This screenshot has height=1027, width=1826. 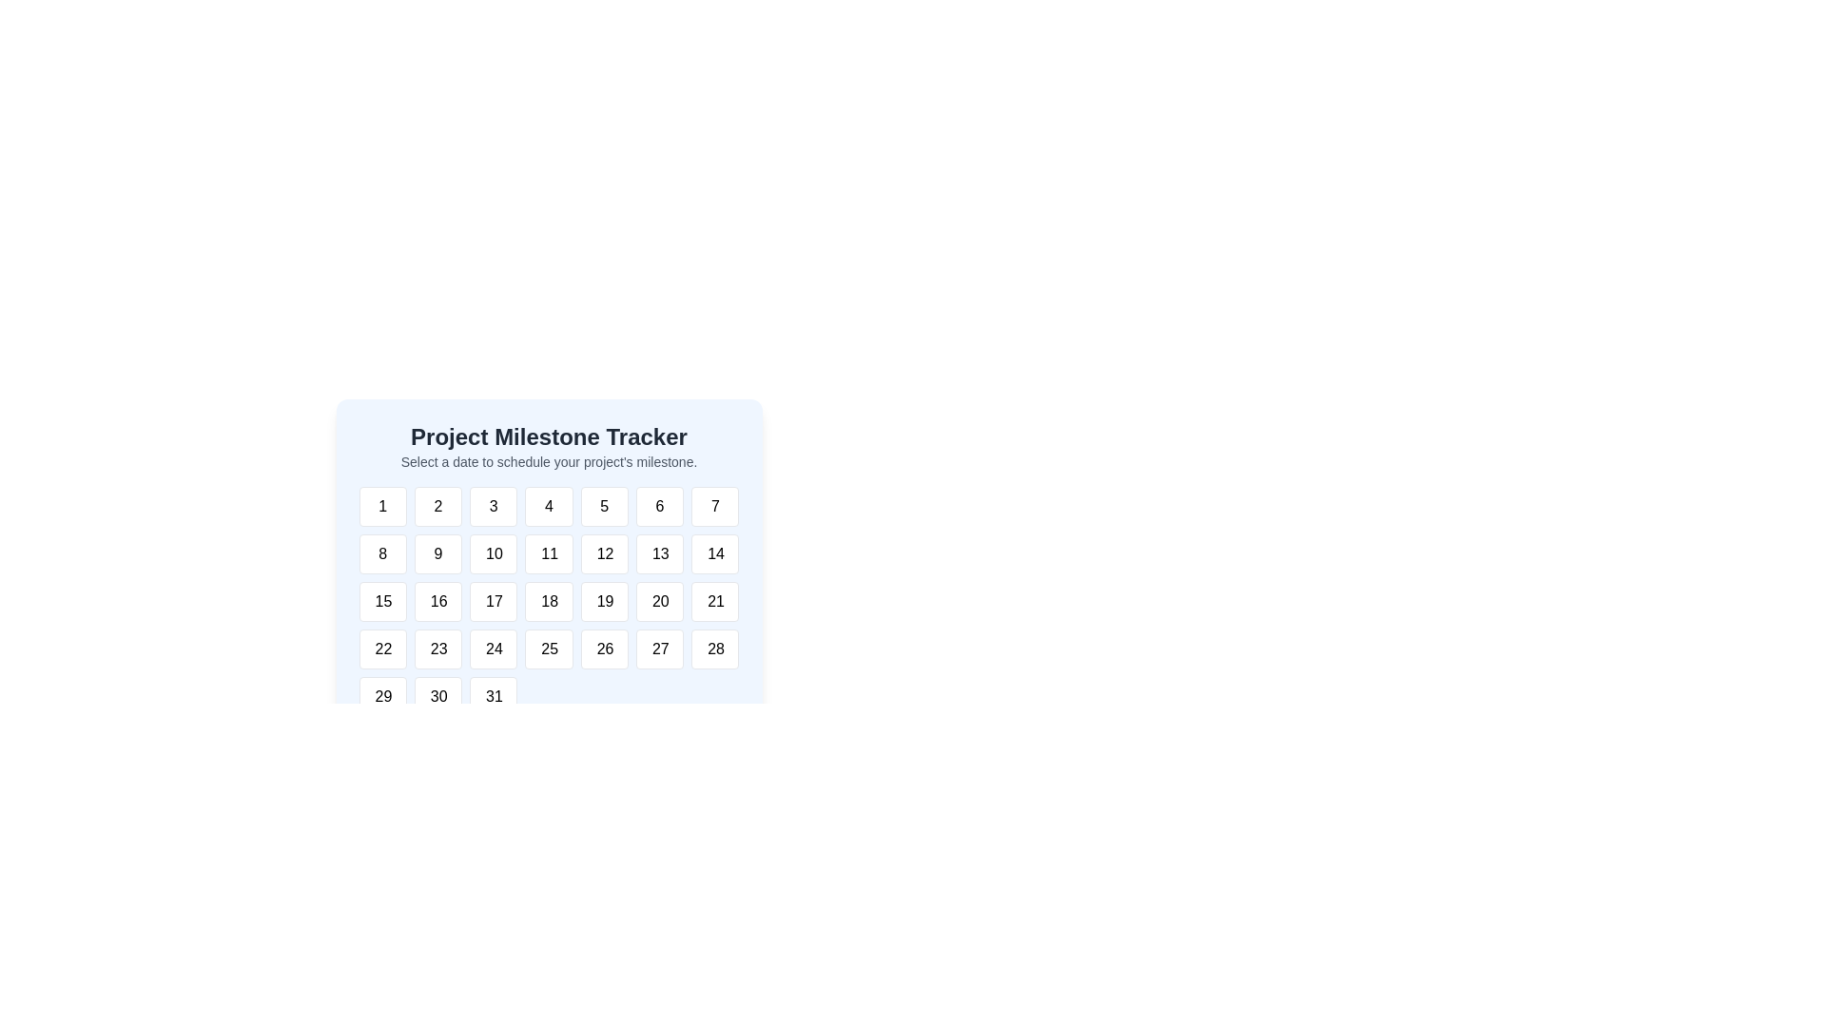 What do you see at coordinates (603, 601) in the screenshot?
I see `the rectangular button with rounded corners that has the text '19' centered within it` at bounding box center [603, 601].